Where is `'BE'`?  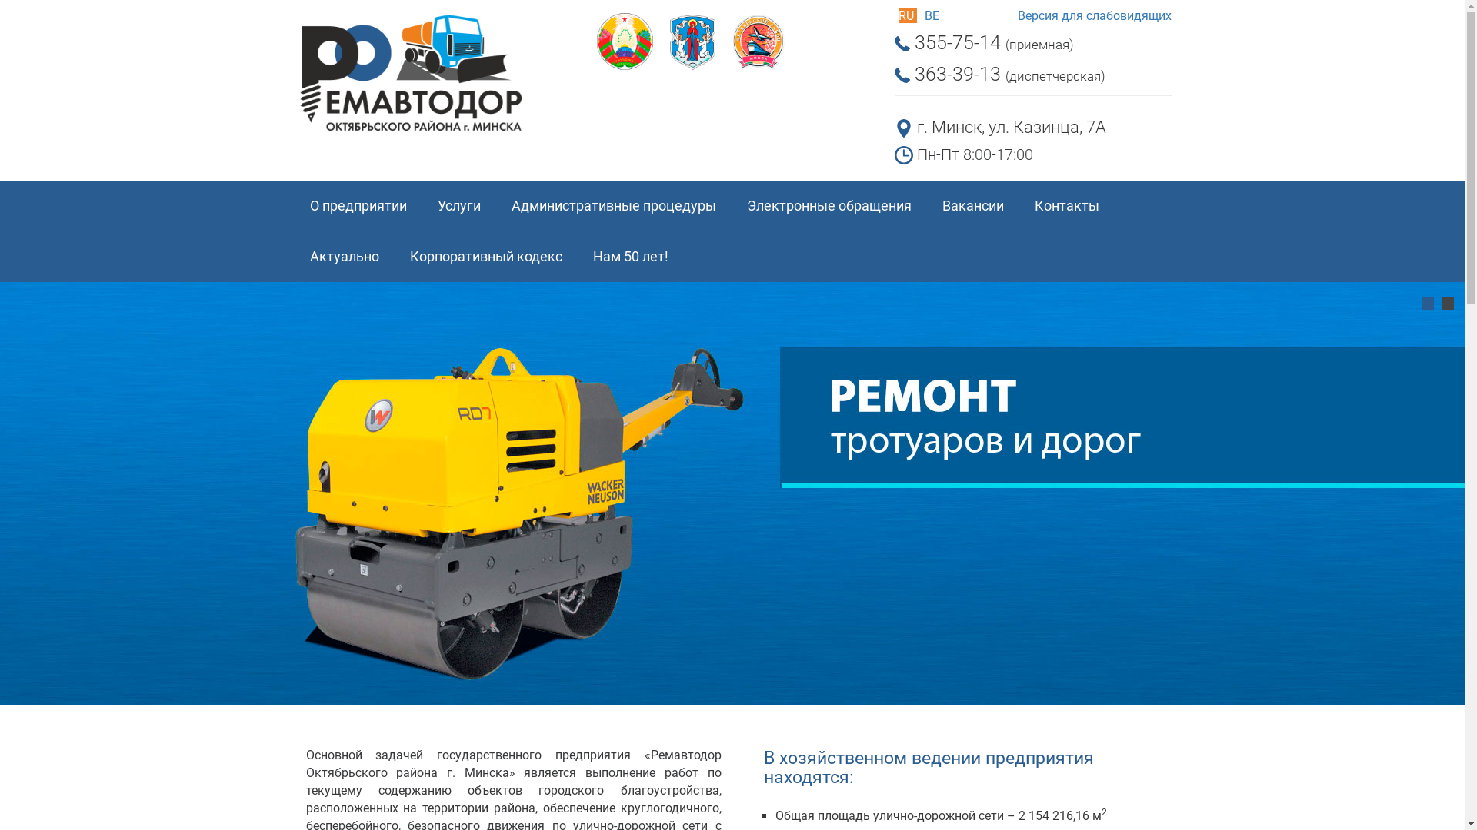 'BE' is located at coordinates (923, 15).